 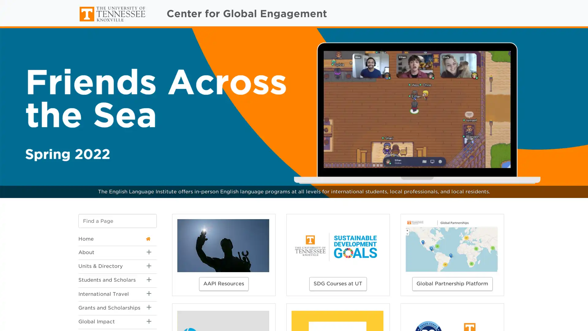 What do you see at coordinates (114, 238) in the screenshot?
I see `Home` at bounding box center [114, 238].